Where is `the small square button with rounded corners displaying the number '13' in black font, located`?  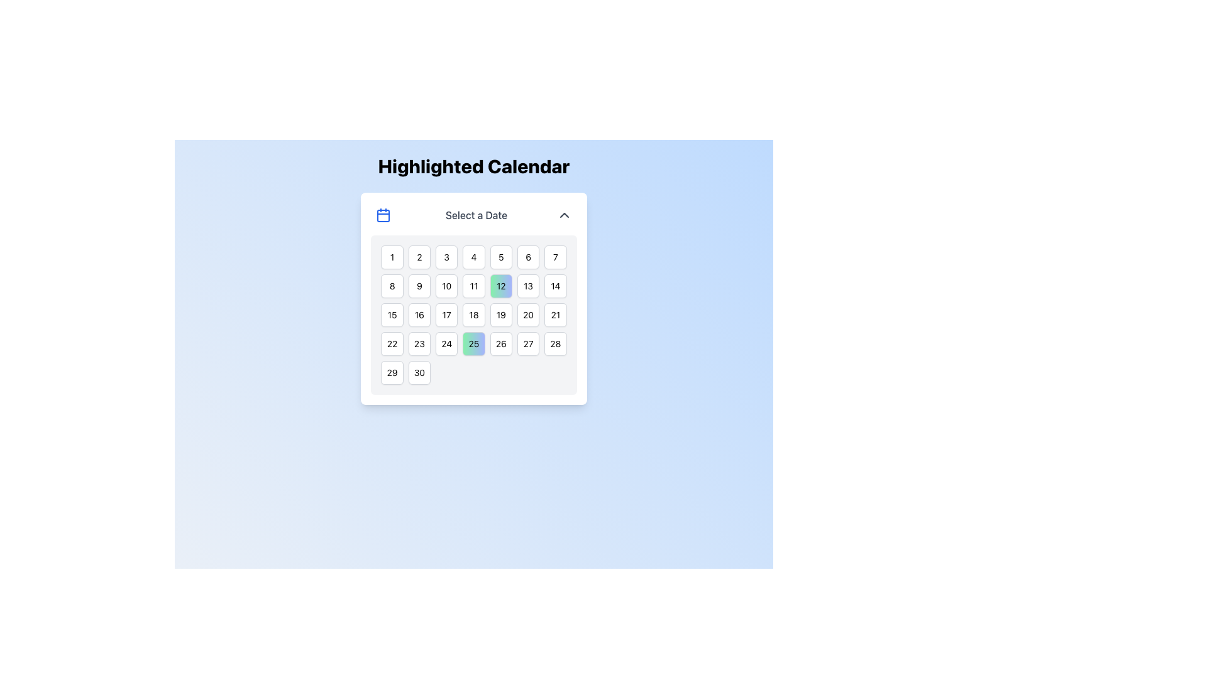 the small square button with rounded corners displaying the number '13' in black font, located is located at coordinates (528, 286).